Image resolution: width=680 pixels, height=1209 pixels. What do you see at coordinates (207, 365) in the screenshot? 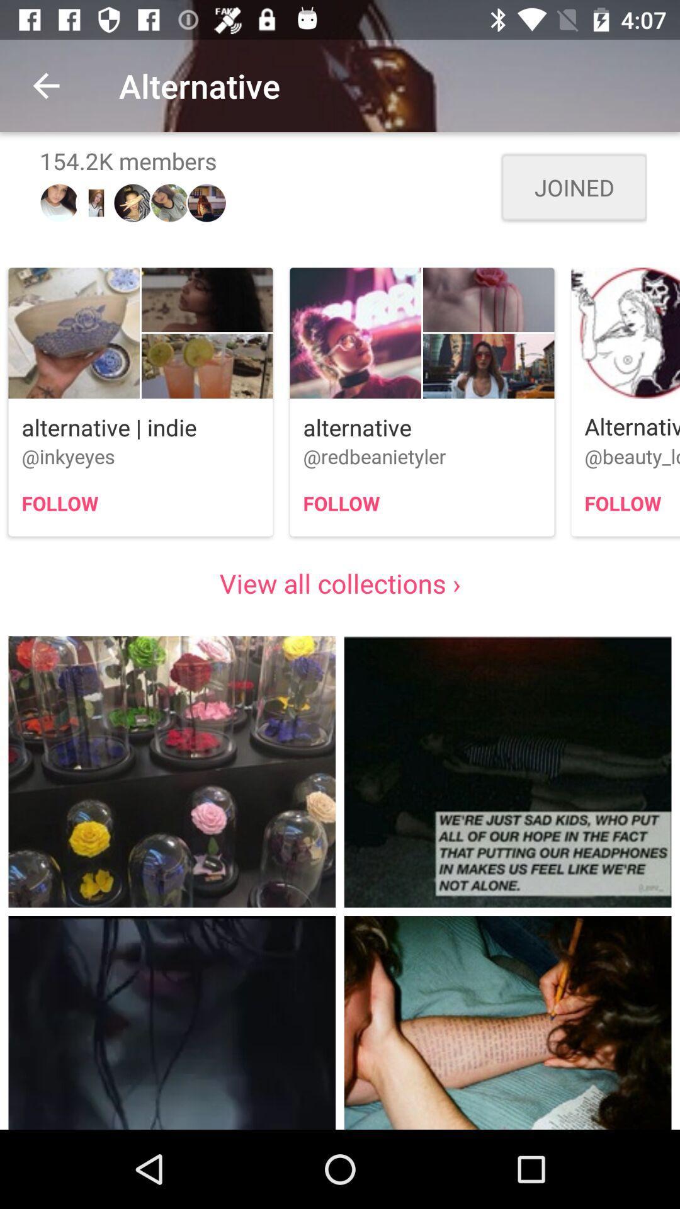
I see `the third image above alternative  indie` at bounding box center [207, 365].